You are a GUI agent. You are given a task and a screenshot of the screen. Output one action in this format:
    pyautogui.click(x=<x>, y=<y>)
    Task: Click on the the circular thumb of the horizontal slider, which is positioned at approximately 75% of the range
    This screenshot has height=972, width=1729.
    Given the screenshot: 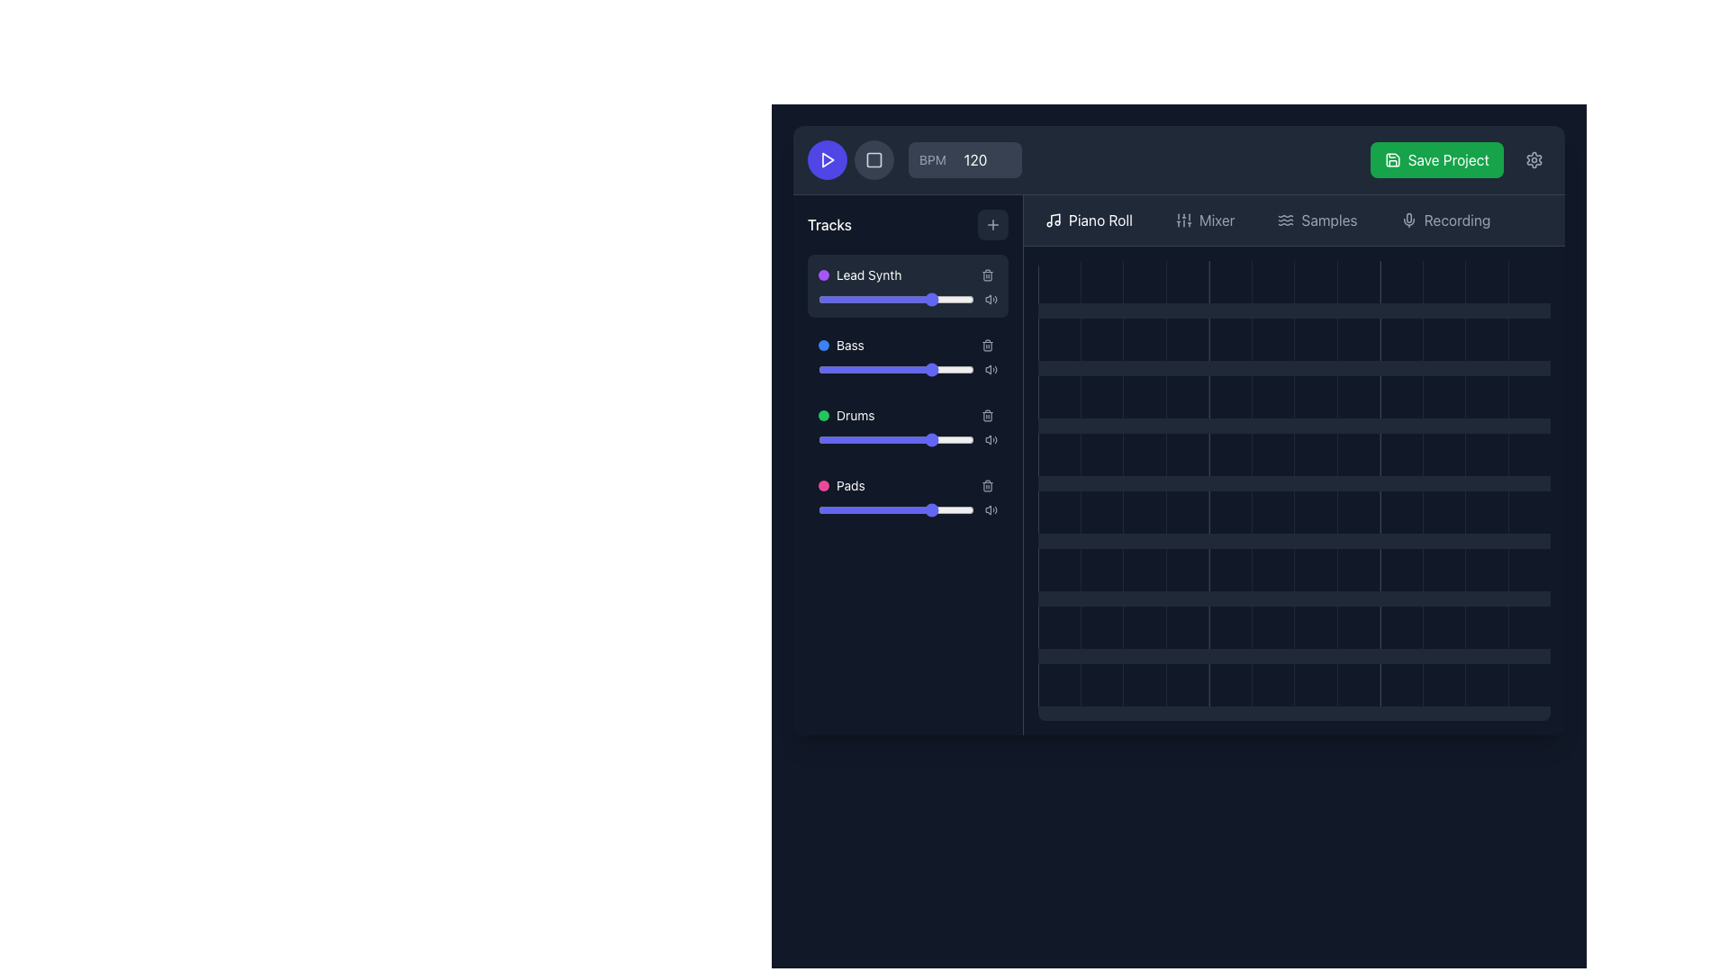 What is the action you would take?
    pyautogui.click(x=896, y=298)
    